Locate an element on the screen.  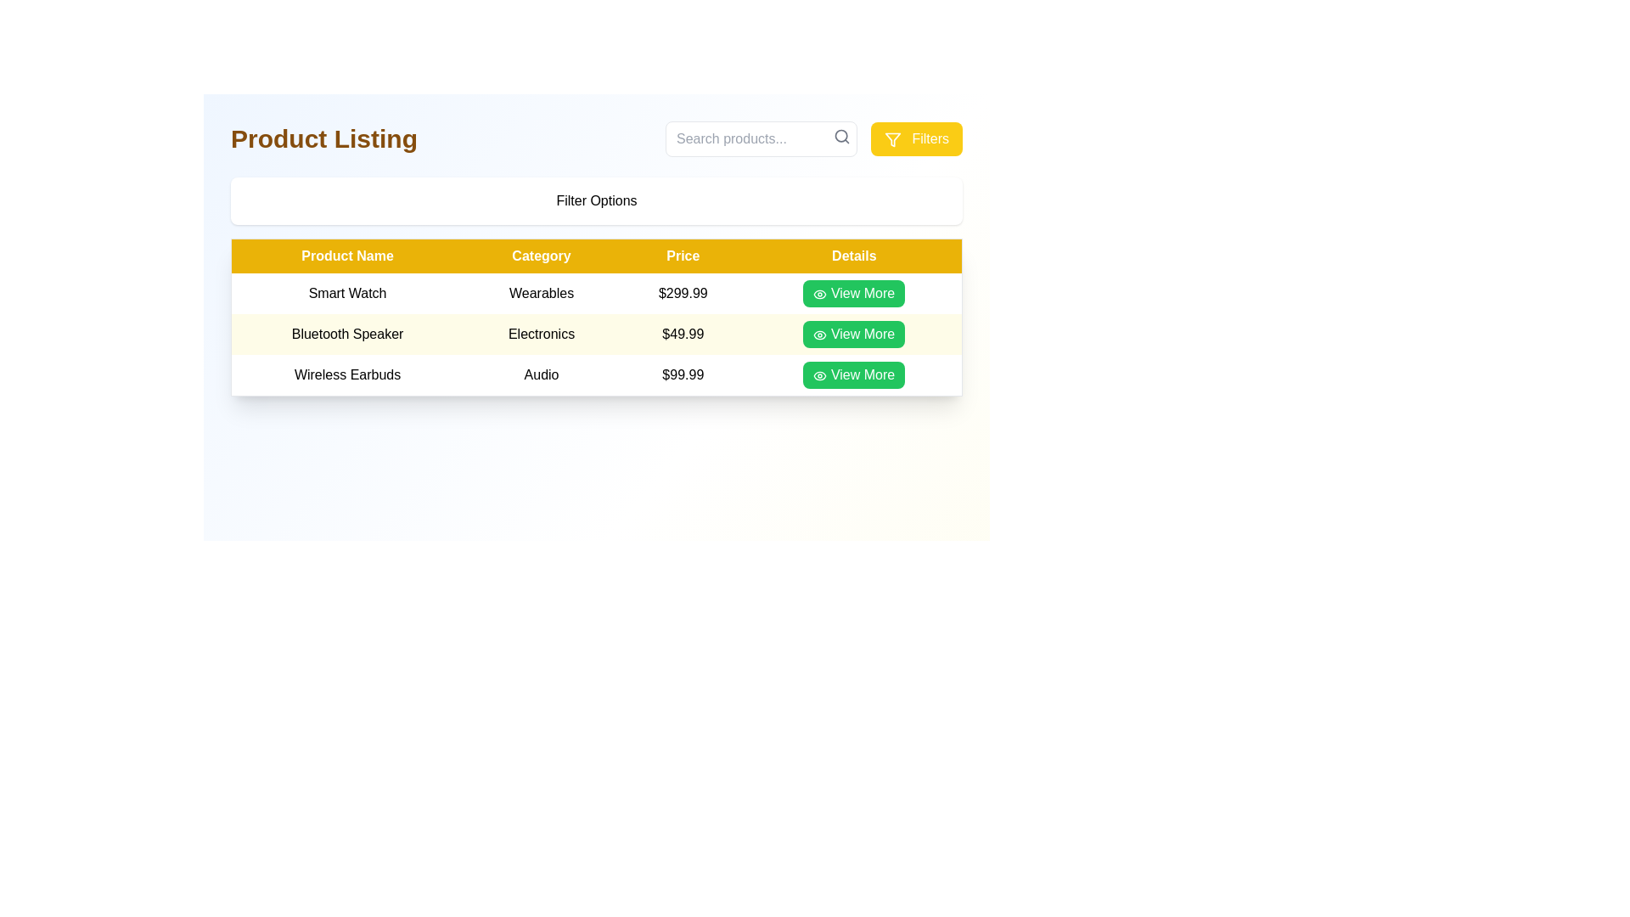
the green 'View More' button with rounded corners and an eye icon in the 'Details' column of the first product row labeled 'Smart Watch' is located at coordinates (854, 293).